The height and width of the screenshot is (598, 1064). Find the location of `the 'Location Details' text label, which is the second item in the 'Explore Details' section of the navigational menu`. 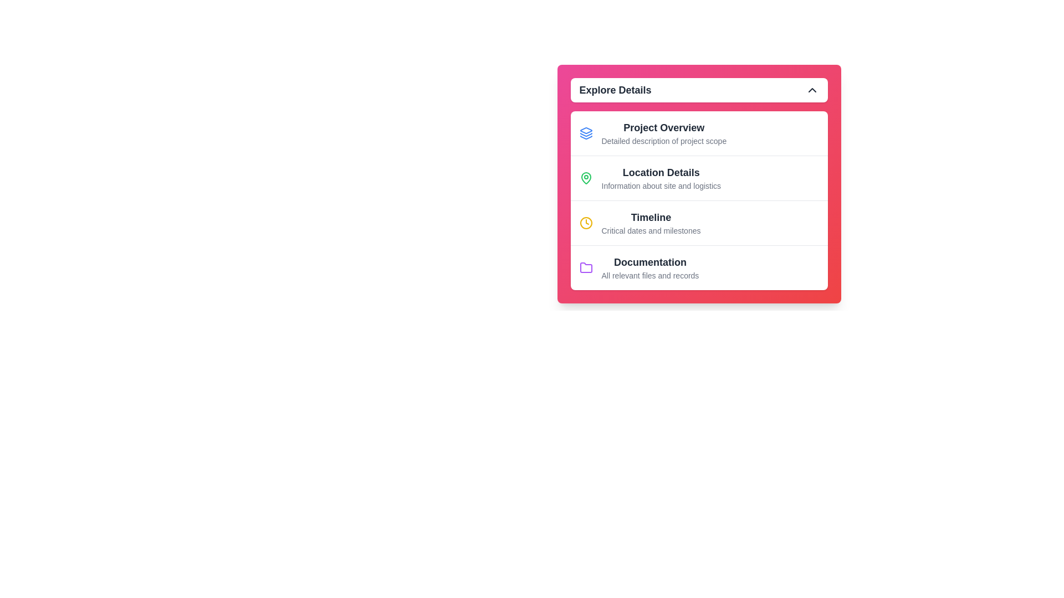

the 'Location Details' text label, which is the second item in the 'Explore Details' section of the navigational menu is located at coordinates (661, 177).